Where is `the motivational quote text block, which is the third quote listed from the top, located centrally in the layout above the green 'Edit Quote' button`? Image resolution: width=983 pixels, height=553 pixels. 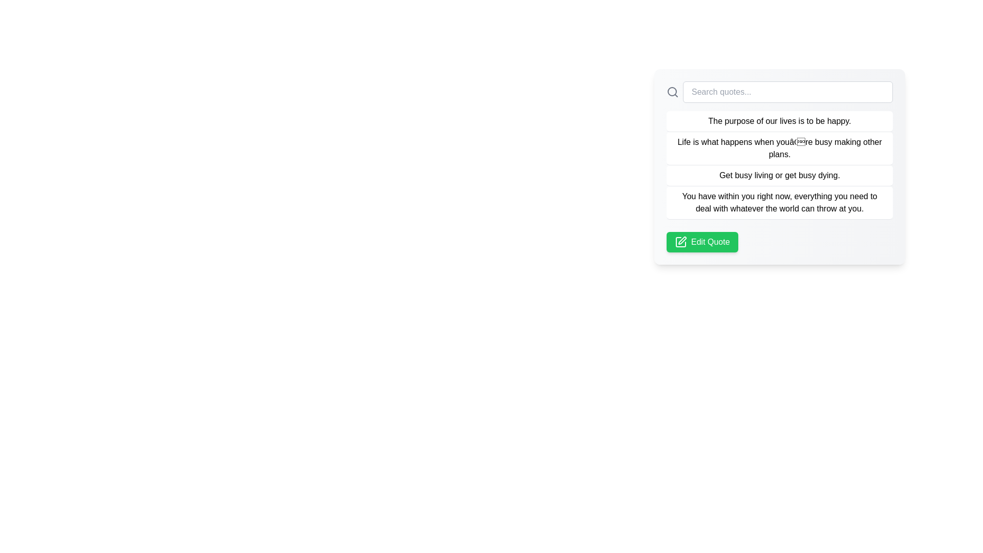 the motivational quote text block, which is the third quote listed from the top, located centrally in the layout above the green 'Edit Quote' button is located at coordinates (779, 171).